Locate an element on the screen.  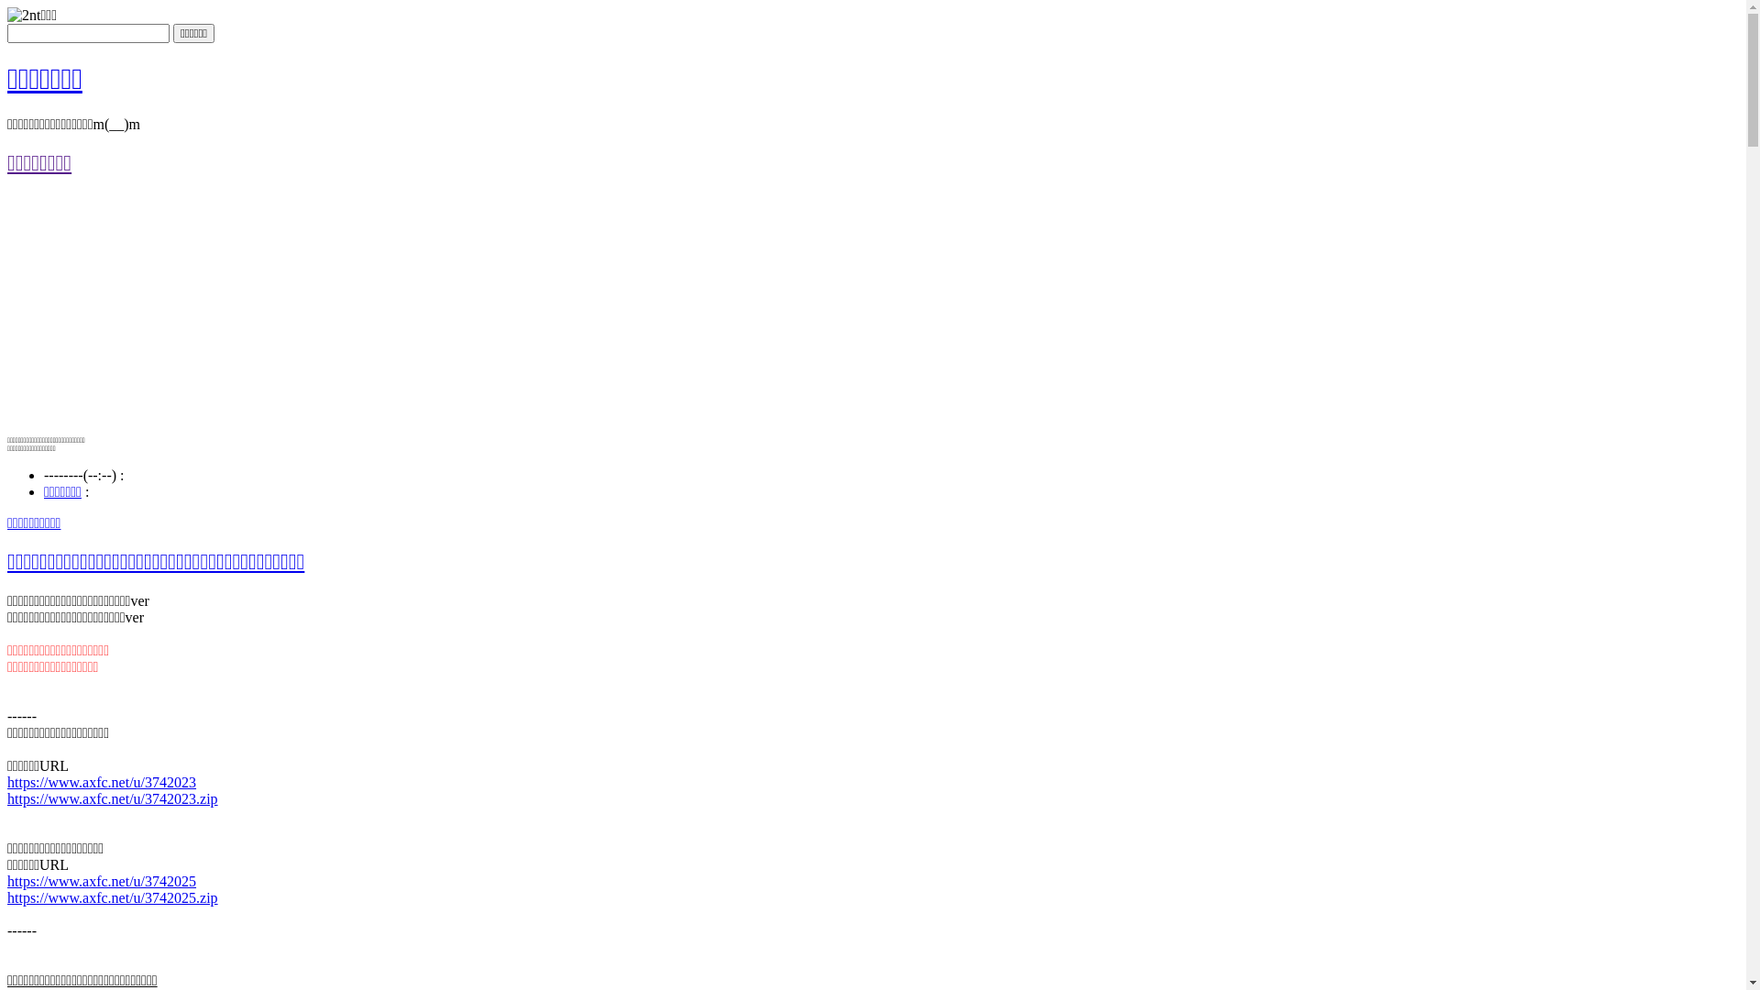
'https://www.axfc.net/u/3742025' is located at coordinates (100, 879).